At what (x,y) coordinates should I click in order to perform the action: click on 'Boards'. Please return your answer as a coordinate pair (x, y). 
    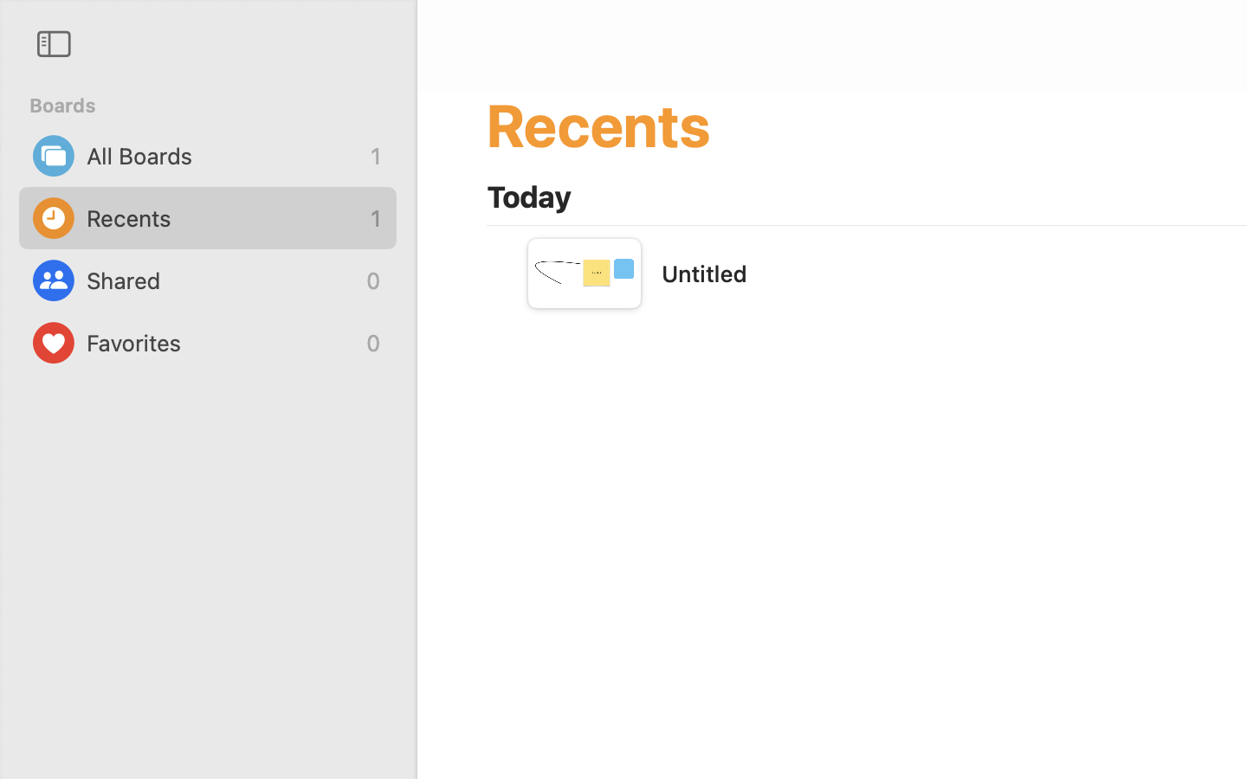
    Looking at the image, I should click on (216, 106).